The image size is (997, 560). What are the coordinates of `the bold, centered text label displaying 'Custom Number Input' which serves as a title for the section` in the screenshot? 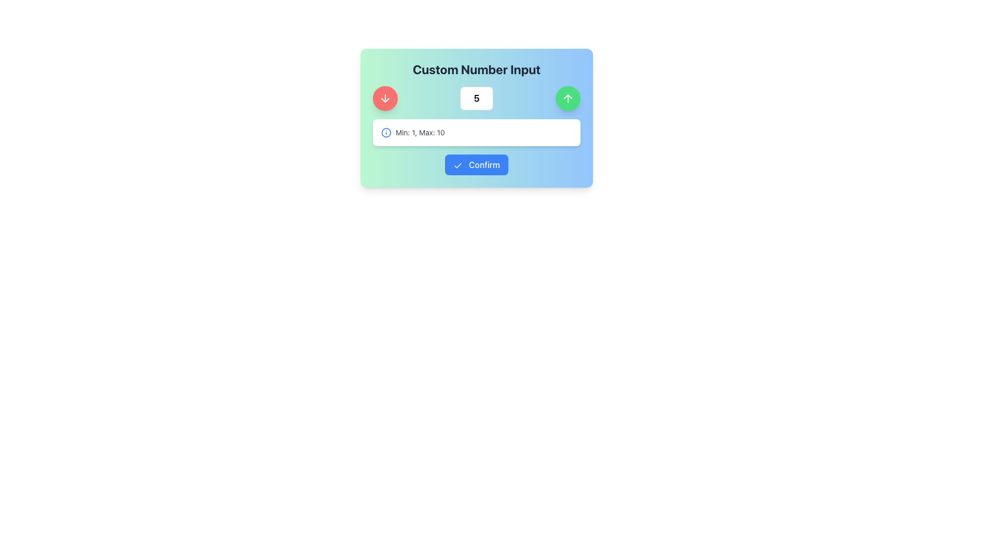 It's located at (476, 69).